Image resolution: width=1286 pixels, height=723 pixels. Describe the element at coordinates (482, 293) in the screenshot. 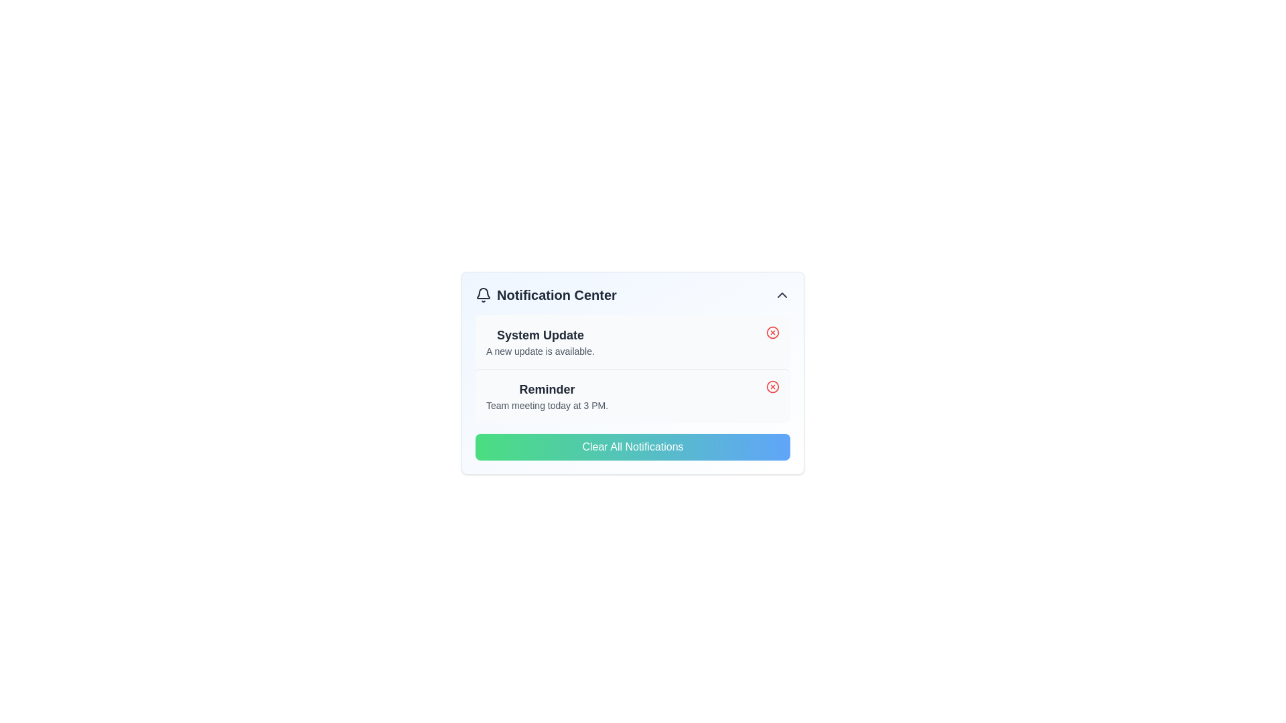

I see `the bell icon in the top-left corner of the notification center panel, which indicates notifications or alerts` at that location.